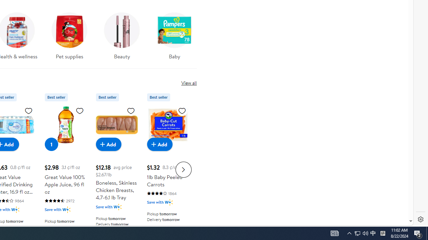 This screenshot has width=428, height=240. I want to click on 'Great Value 100% Apple Juice, 96 fl oz', so click(65, 125).